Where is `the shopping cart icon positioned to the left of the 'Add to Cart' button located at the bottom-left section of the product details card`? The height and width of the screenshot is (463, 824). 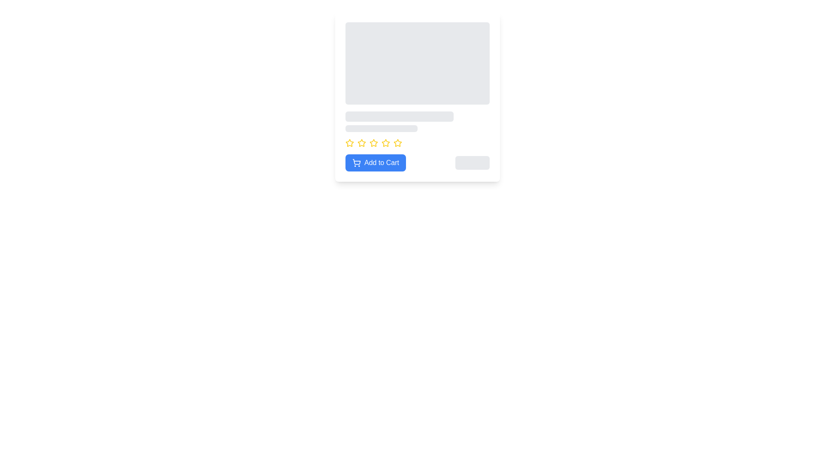 the shopping cart icon positioned to the left of the 'Add to Cart' button located at the bottom-left section of the product details card is located at coordinates (356, 163).